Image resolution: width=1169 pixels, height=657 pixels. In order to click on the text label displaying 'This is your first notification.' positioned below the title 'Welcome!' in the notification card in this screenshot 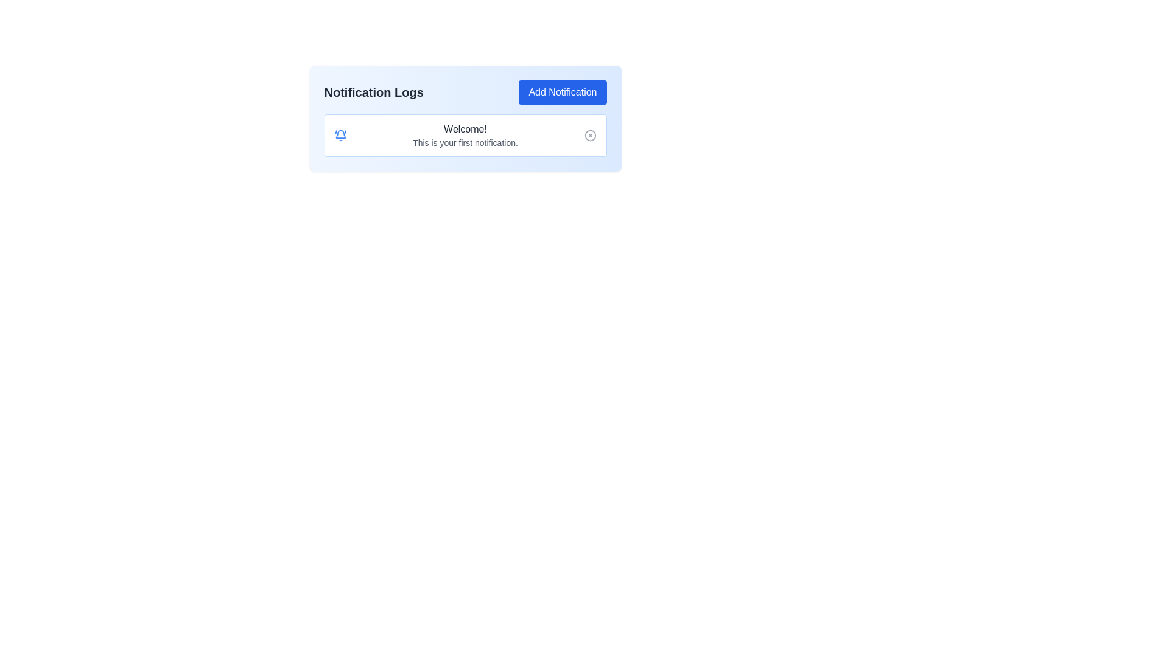, I will do `click(465, 142)`.